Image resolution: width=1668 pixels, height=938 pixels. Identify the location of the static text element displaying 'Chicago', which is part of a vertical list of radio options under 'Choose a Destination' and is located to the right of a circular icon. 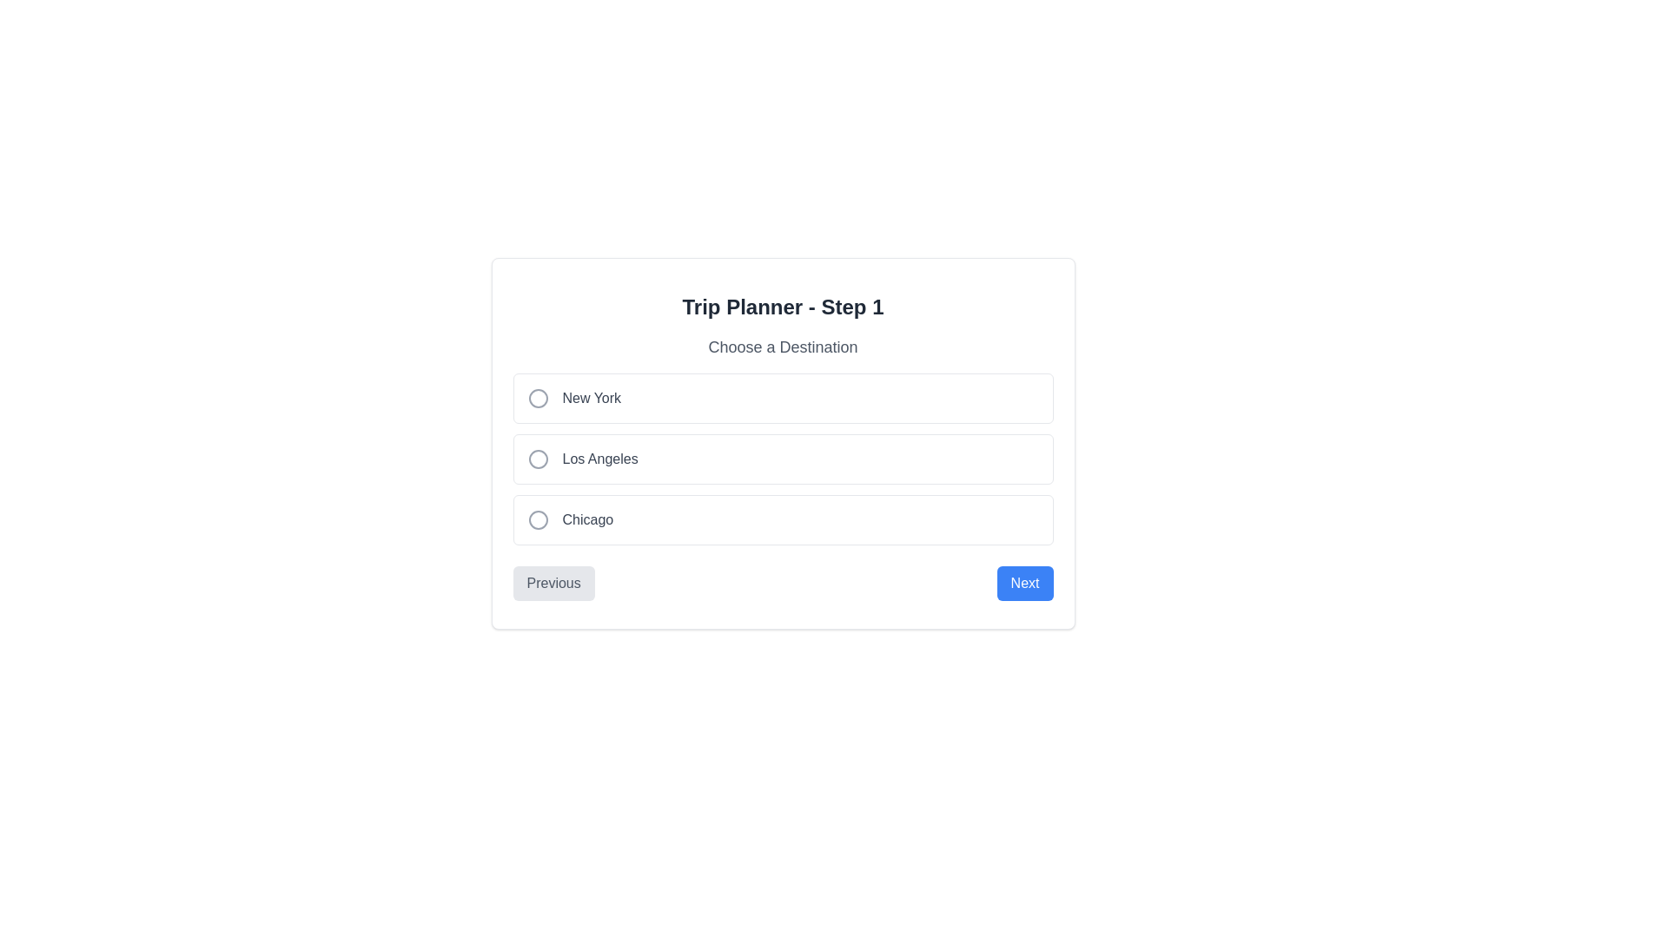
(587, 519).